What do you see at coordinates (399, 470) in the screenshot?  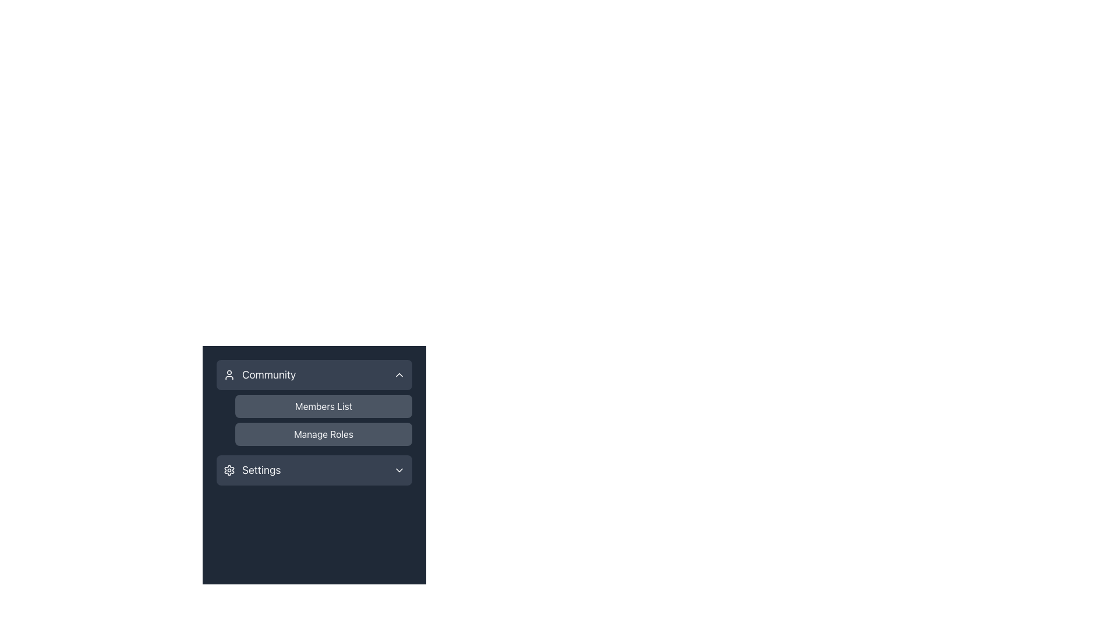 I see `the downward-pointing chevron icon with a light gray stroke, located to the right of the 'Settings' text inside a dark rectangular button` at bounding box center [399, 470].